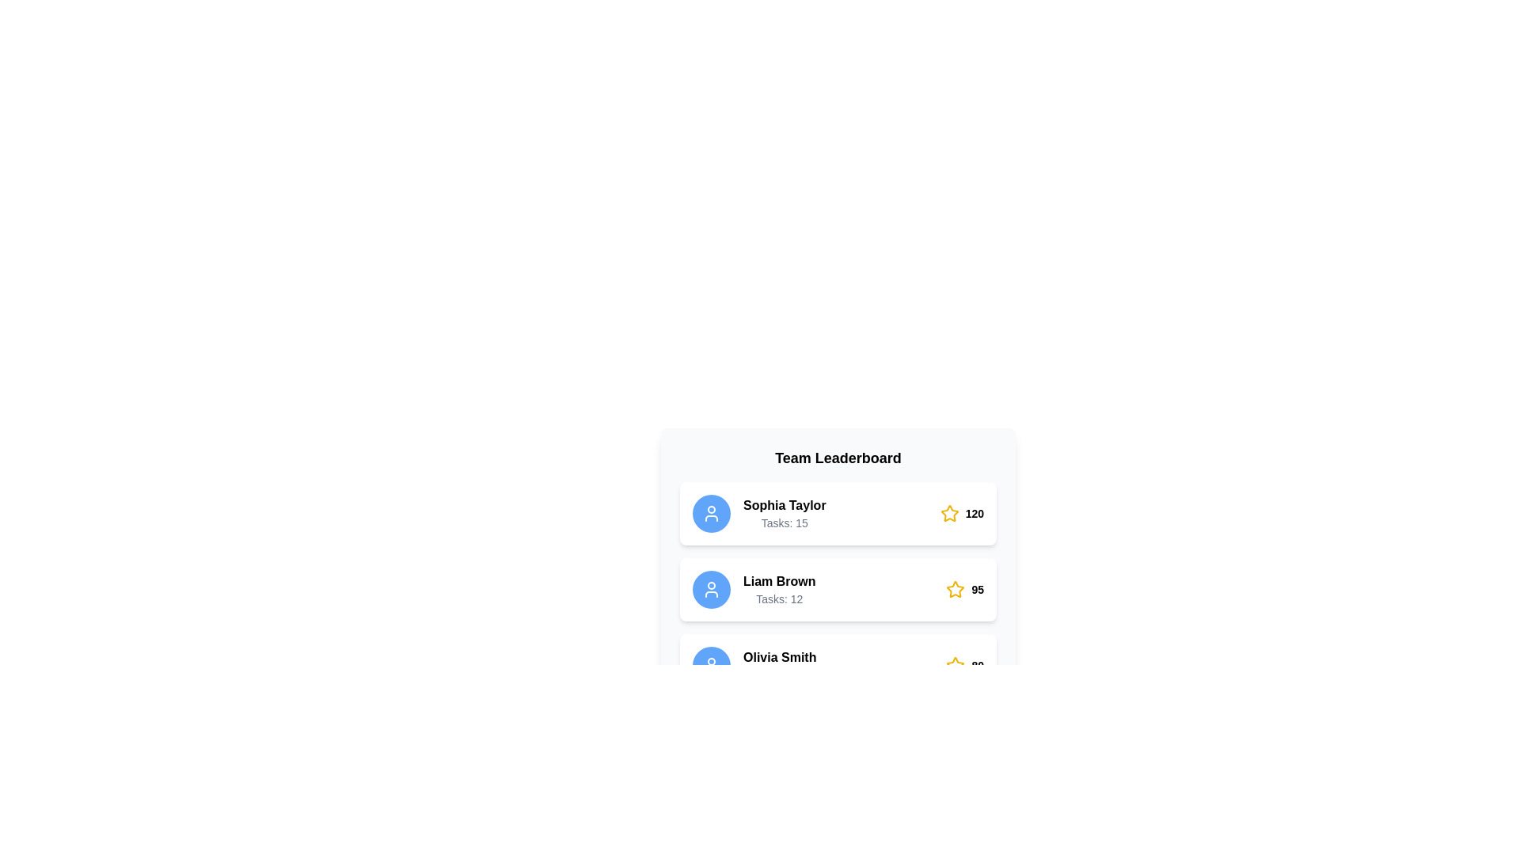 This screenshot has width=1520, height=855. I want to click on the star icon with a yellow outline and white fill, located in the leaderboard interface next to 'Sophia Taylor', to rate it, so click(955, 589).